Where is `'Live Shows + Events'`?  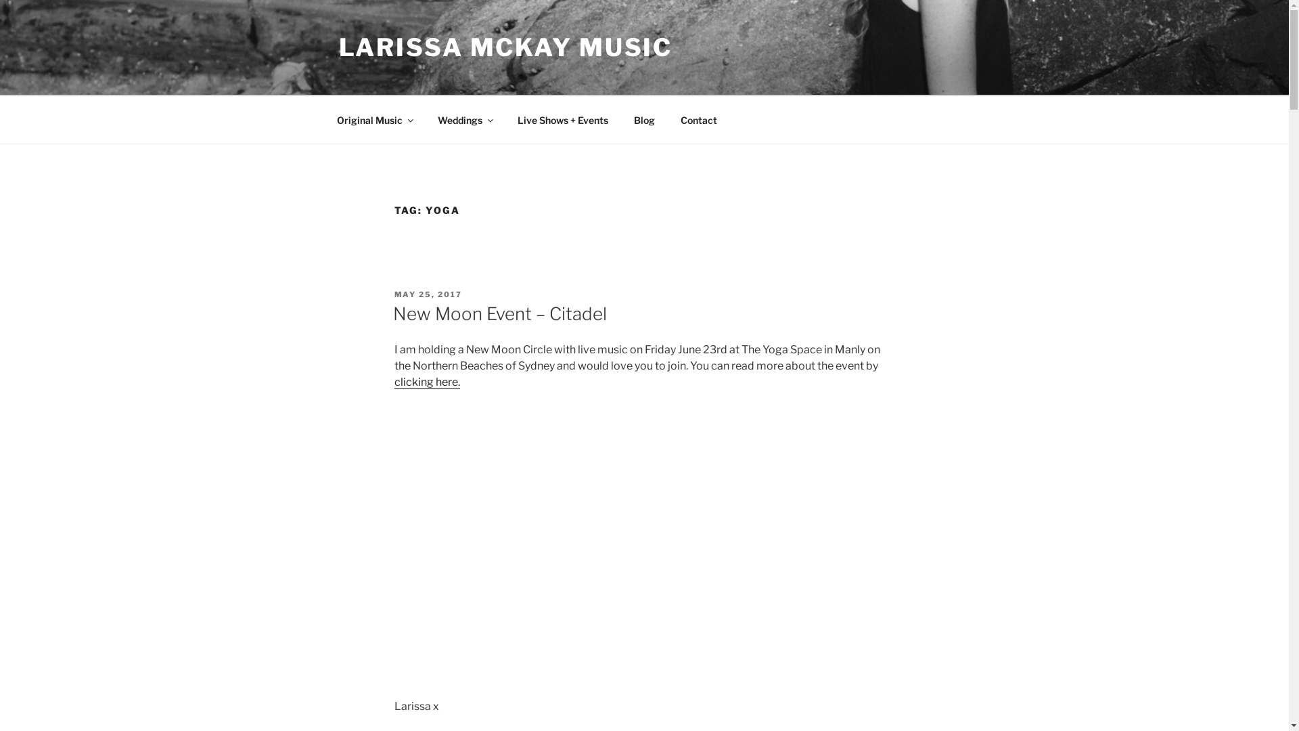 'Live Shows + Events' is located at coordinates (563, 118).